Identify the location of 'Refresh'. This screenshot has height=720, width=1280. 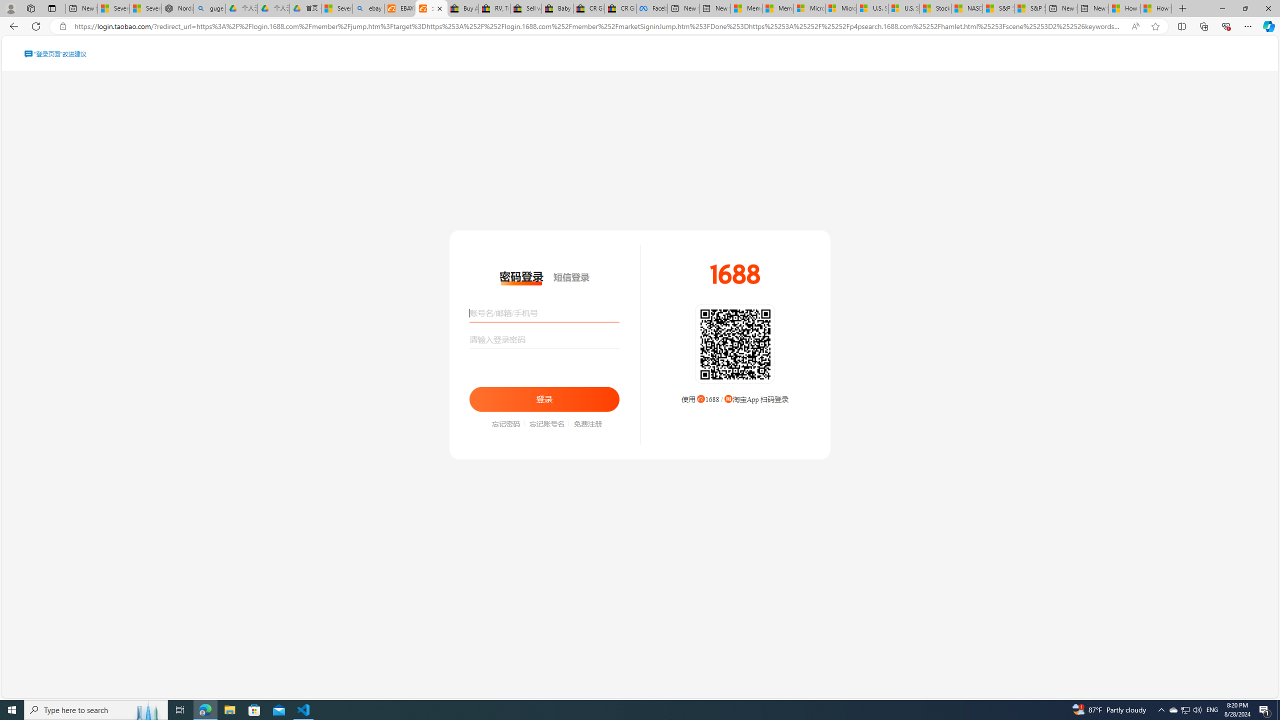
(35, 25).